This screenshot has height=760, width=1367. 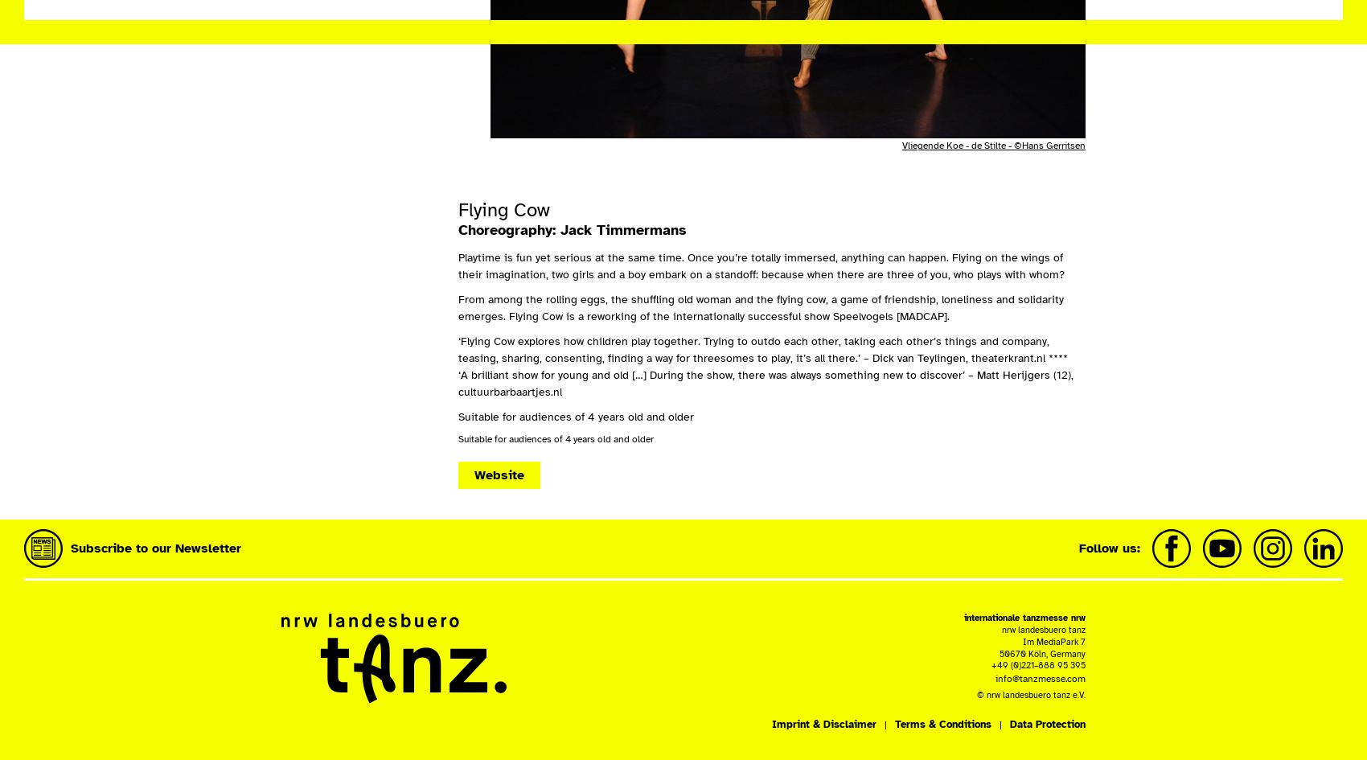 What do you see at coordinates (556, 439) in the screenshot?
I see `'Suitable for audiences of 4 years old and older﻿​'` at bounding box center [556, 439].